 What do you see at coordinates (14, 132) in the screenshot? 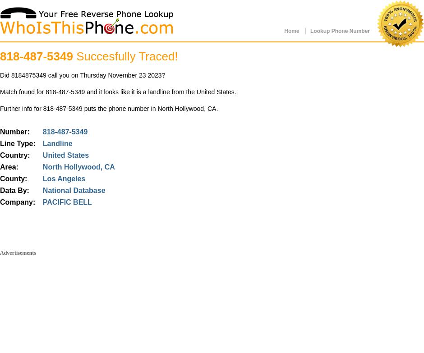
I see `'Number:'` at bounding box center [14, 132].